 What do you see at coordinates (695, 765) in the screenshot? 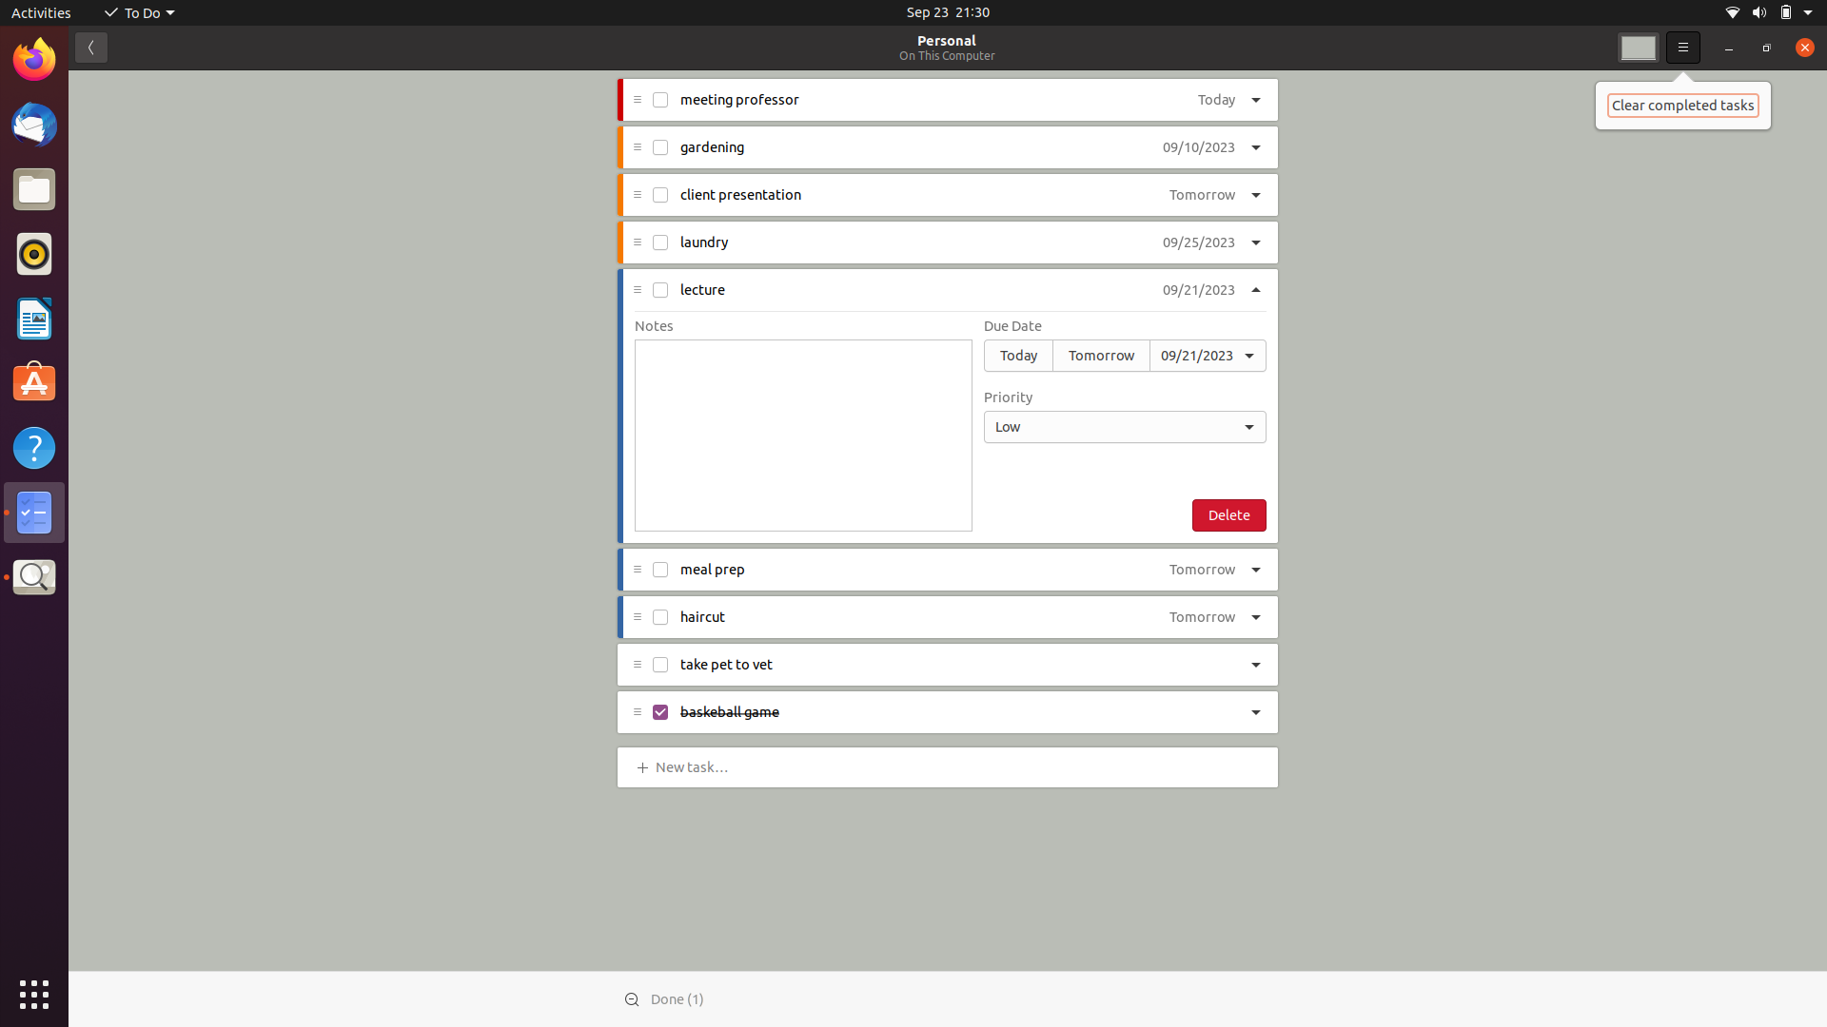
I see `Add "book keeping" task` at bounding box center [695, 765].